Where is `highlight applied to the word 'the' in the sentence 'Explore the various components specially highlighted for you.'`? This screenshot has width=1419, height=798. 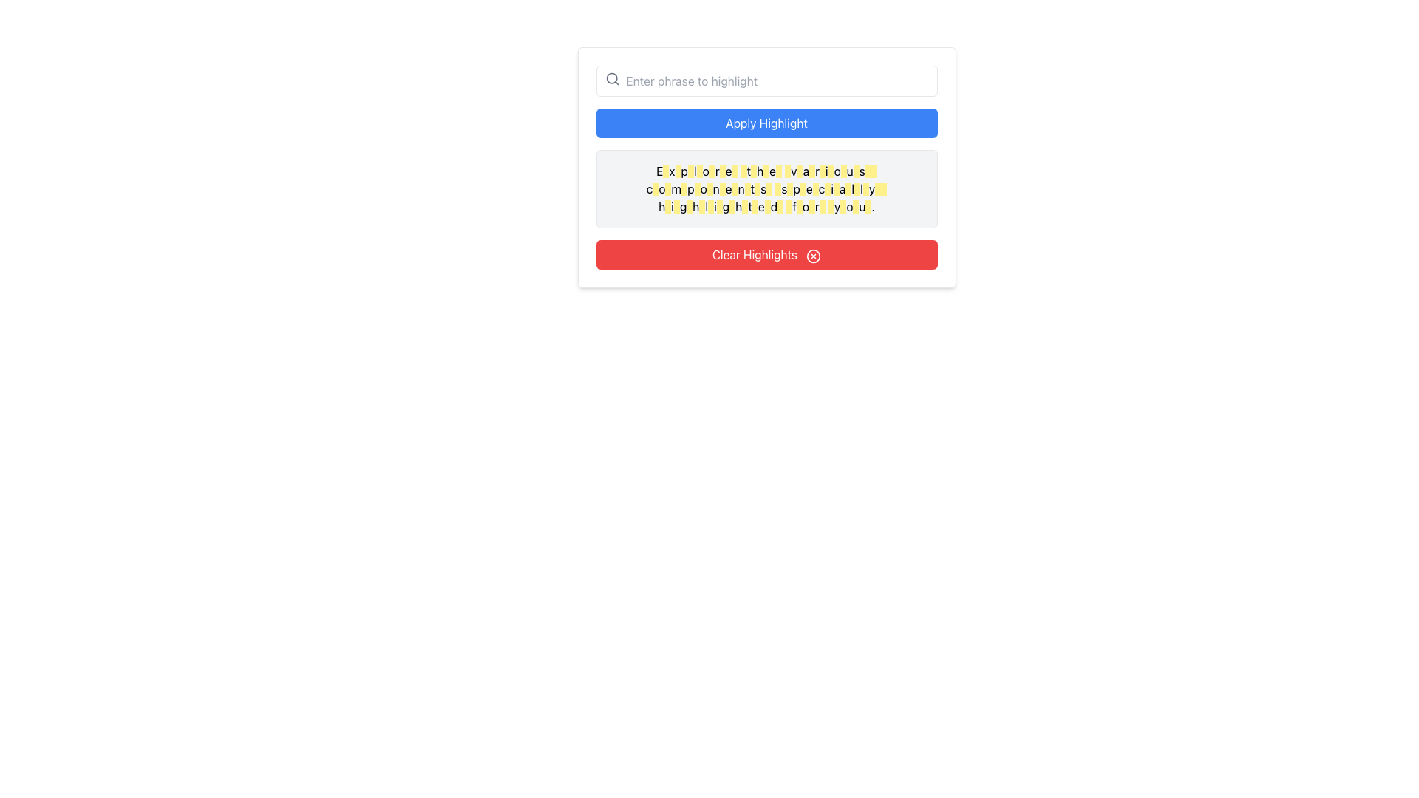 highlight applied to the word 'the' in the sentence 'Explore the various components specially highlighted for you.' is located at coordinates (766, 170).